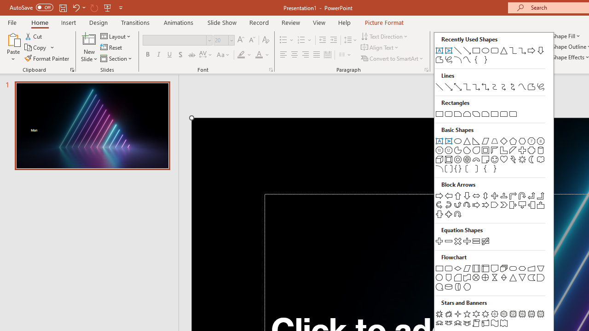 This screenshot has width=589, height=331. I want to click on 'Design', so click(98, 22).